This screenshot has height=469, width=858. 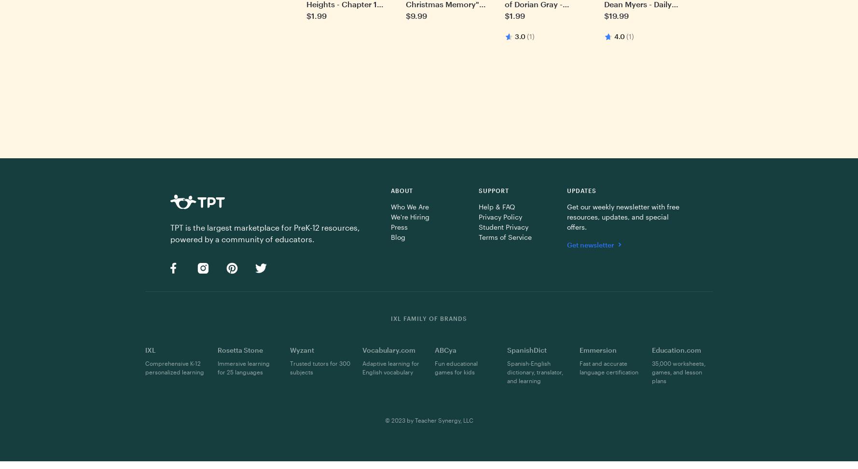 I want to click on 'Get newsletter', so click(x=590, y=244).